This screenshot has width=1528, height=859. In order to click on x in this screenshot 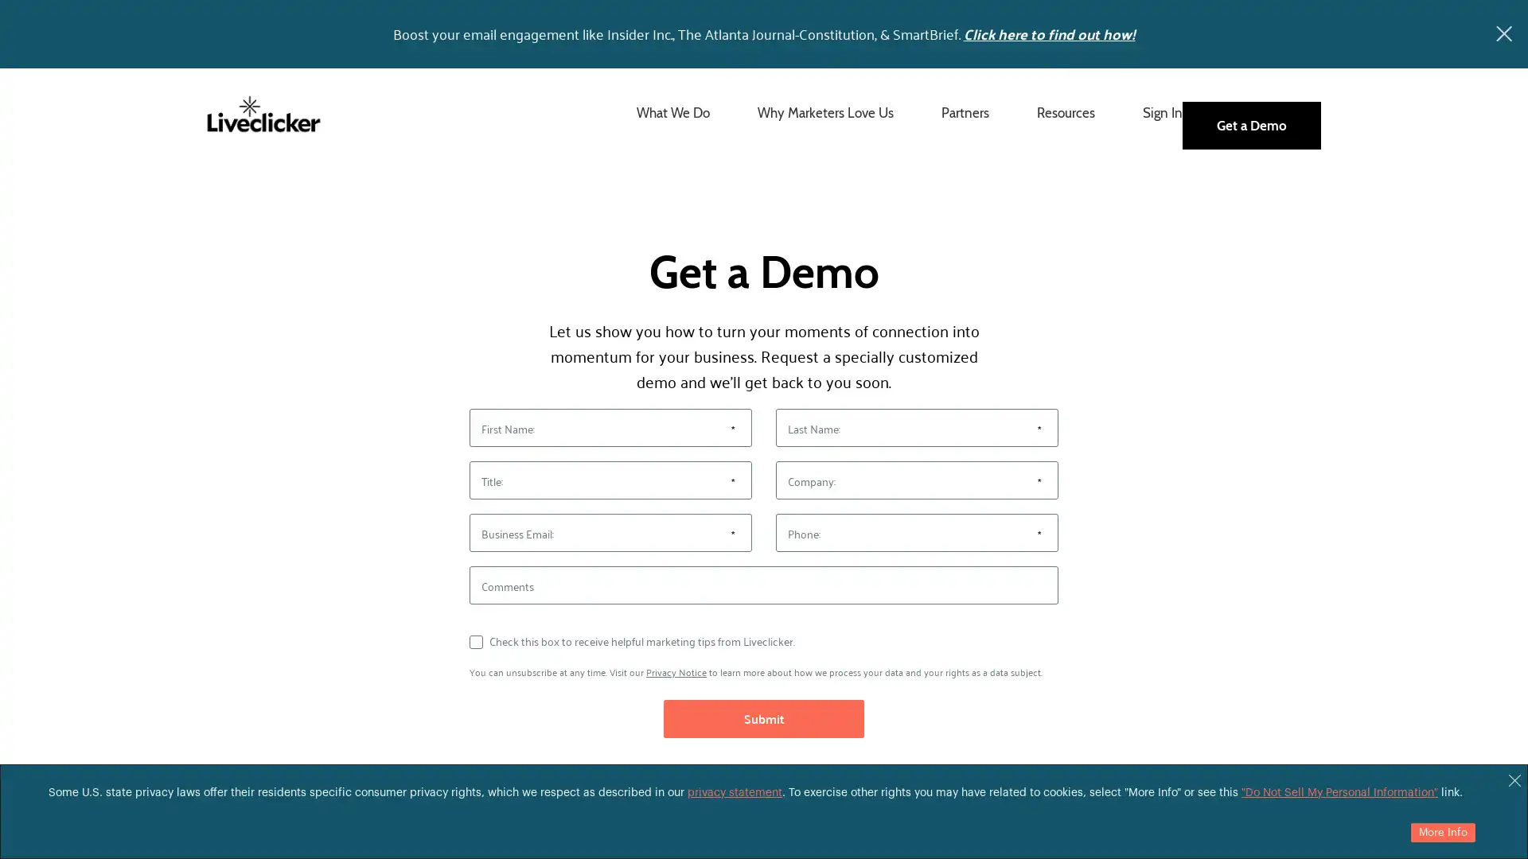, I will do `click(1503, 33)`.